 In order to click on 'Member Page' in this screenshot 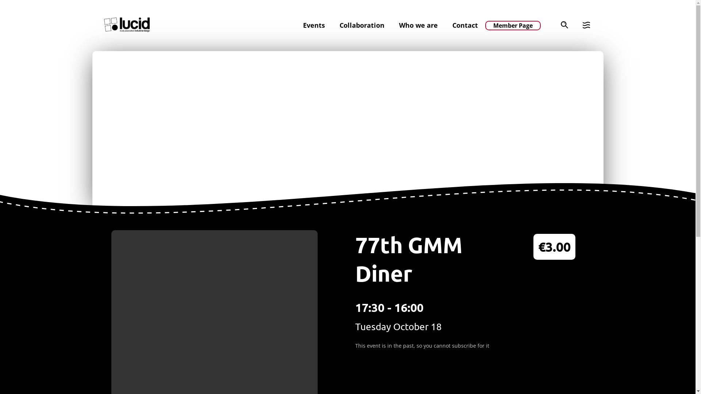, I will do `click(512, 25)`.